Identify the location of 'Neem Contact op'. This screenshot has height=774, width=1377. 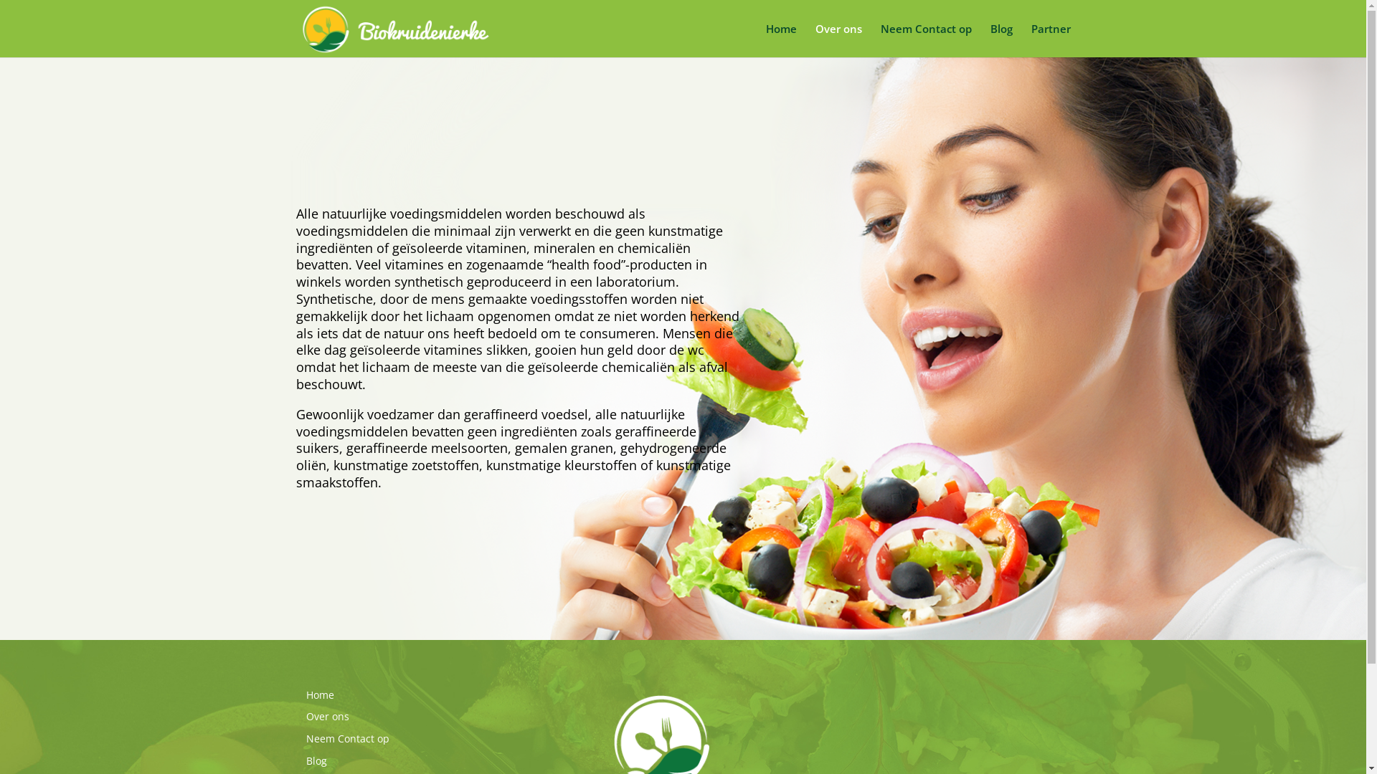
(305, 738).